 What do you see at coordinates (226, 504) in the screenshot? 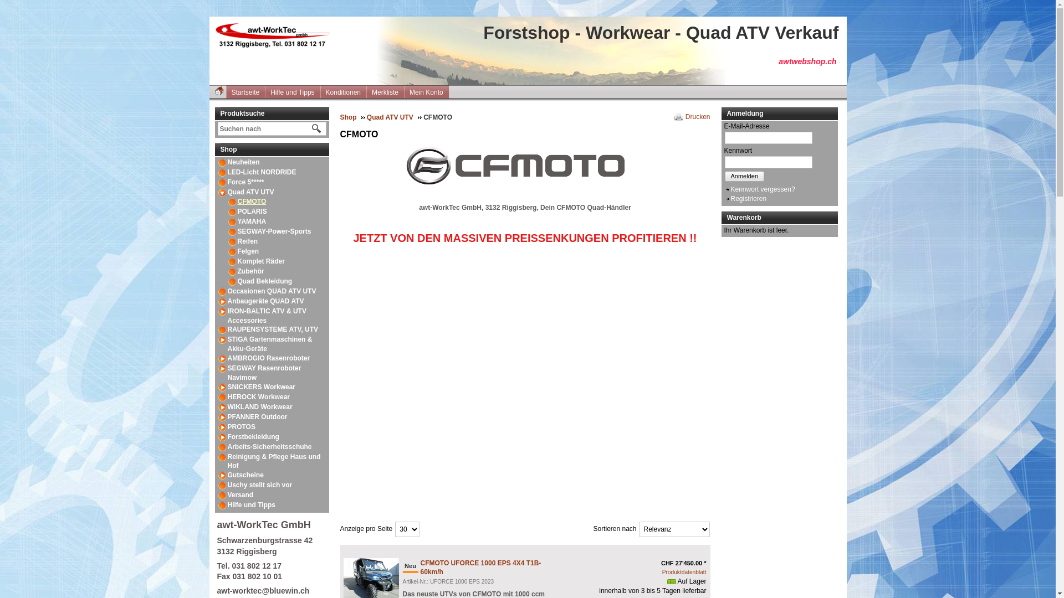
I see `'Hilfe und Tipps'` at bounding box center [226, 504].